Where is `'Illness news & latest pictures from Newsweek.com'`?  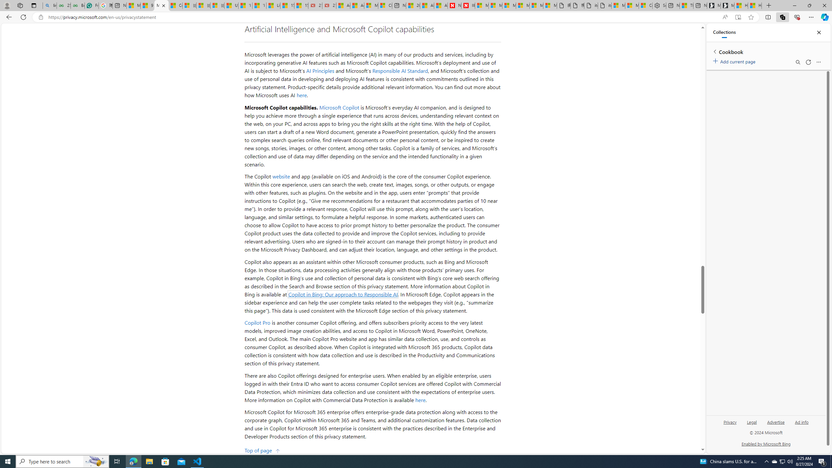 'Illness news & latest pictures from Newsweek.com' is located at coordinates (468, 5).